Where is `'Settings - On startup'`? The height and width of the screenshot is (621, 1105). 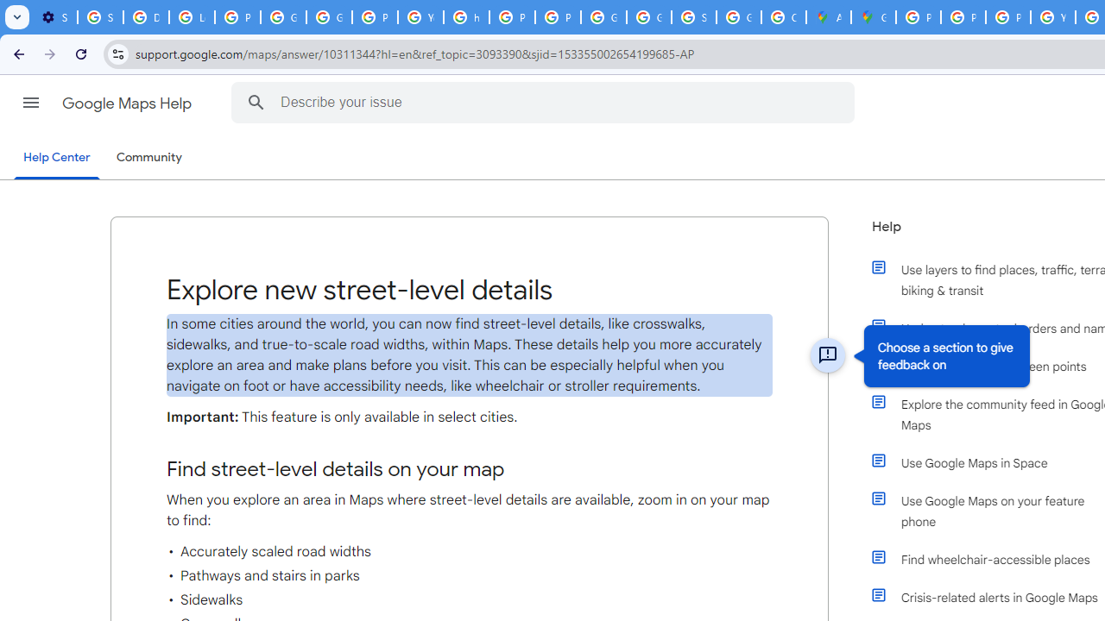
'Settings - On startup' is located at coordinates (54, 17).